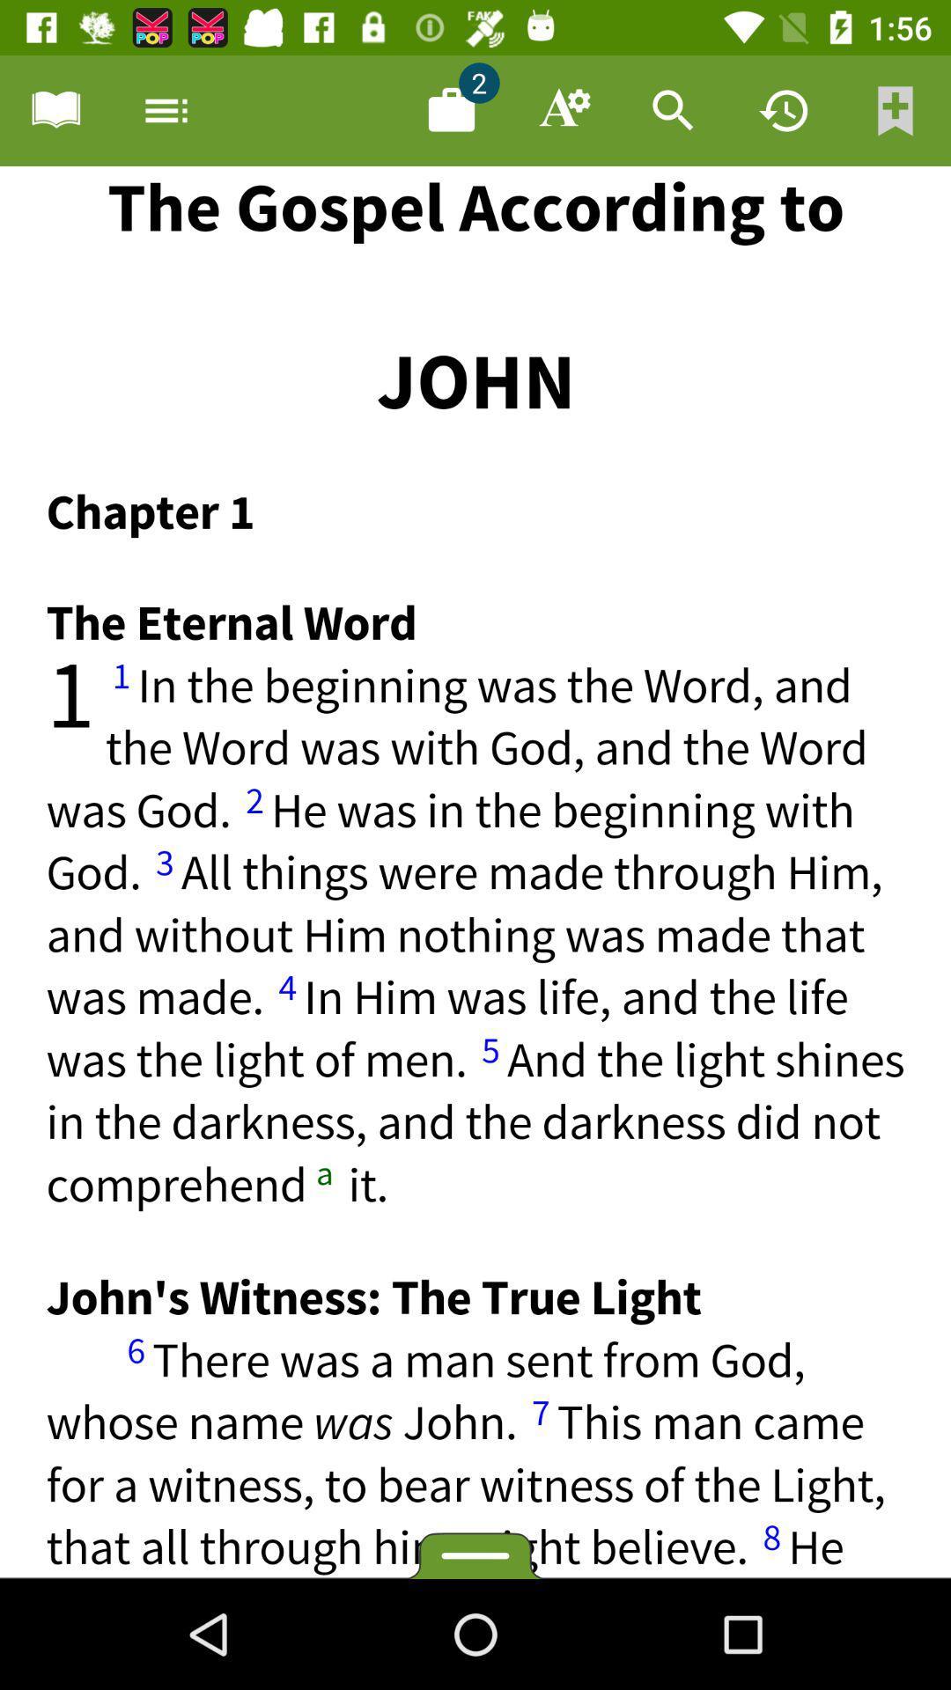 This screenshot has height=1690, width=951. Describe the element at coordinates (451, 109) in the screenshot. I see `content` at that location.